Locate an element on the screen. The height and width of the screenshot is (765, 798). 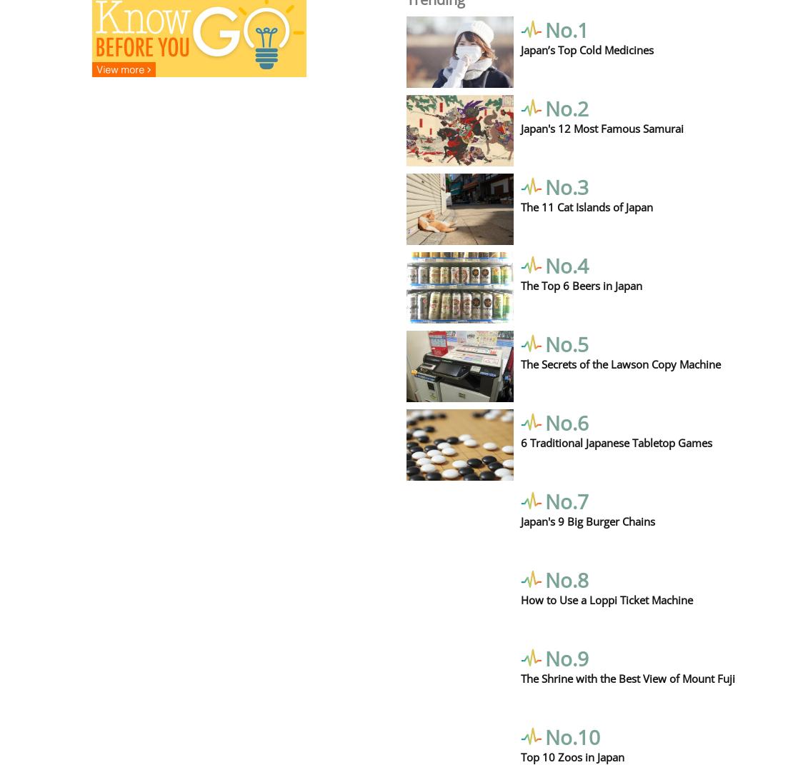
'No.8' is located at coordinates (566, 578).